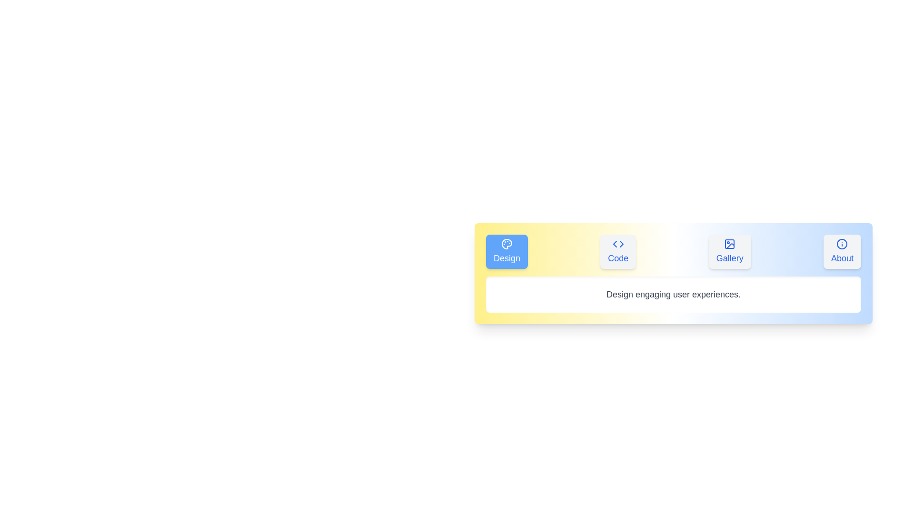 The image size is (914, 514). Describe the element at coordinates (507, 251) in the screenshot. I see `the tab labeled Design to switch to its content` at that location.